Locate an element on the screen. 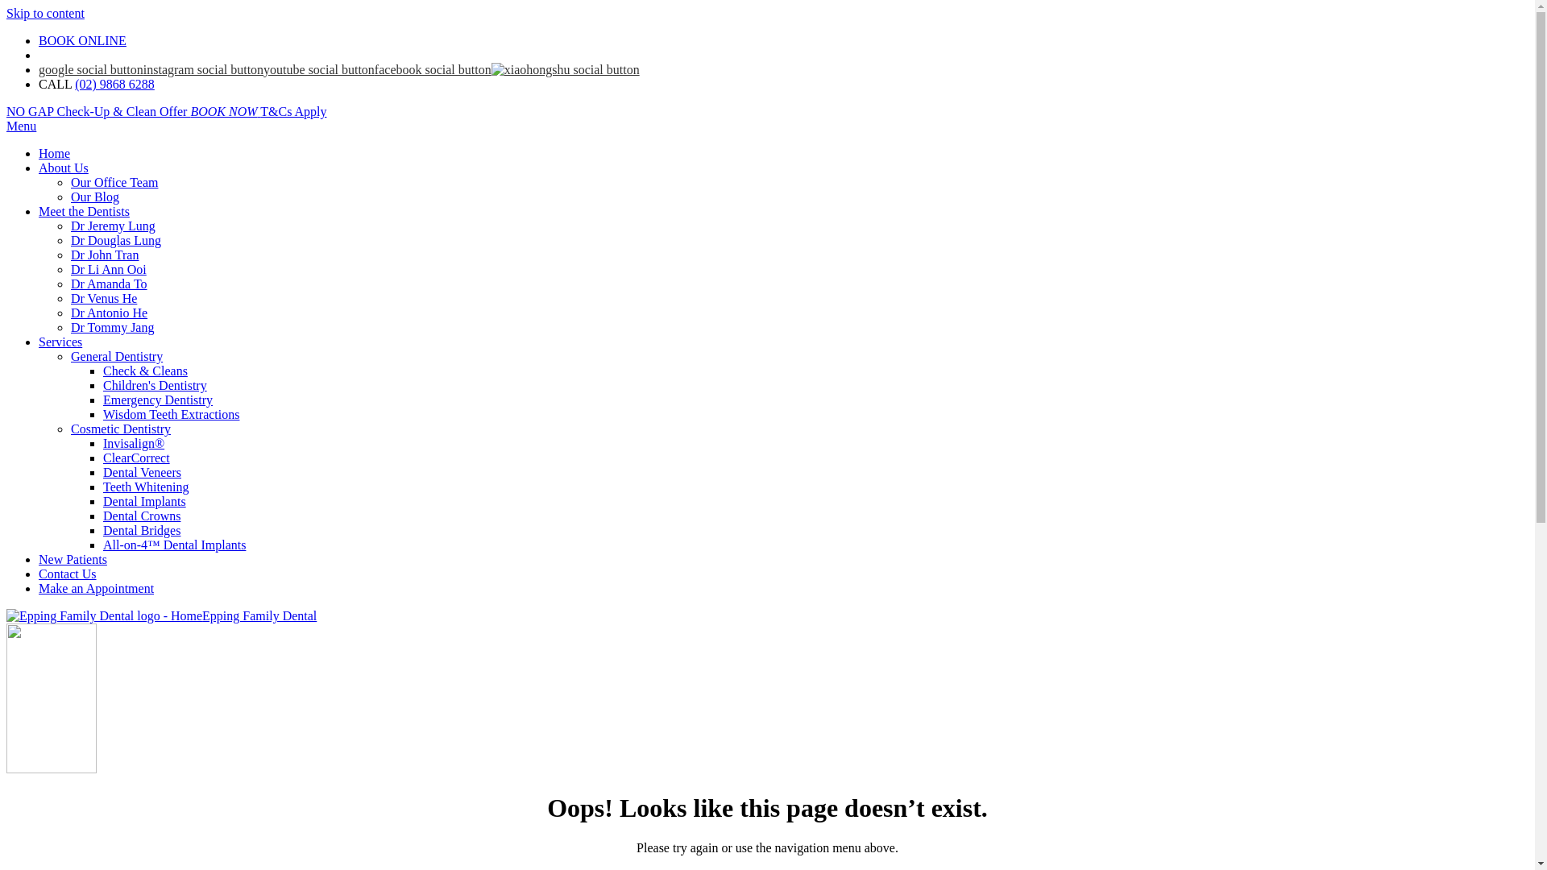 This screenshot has height=870, width=1547. 'Dental Crowns' is located at coordinates (142, 516).